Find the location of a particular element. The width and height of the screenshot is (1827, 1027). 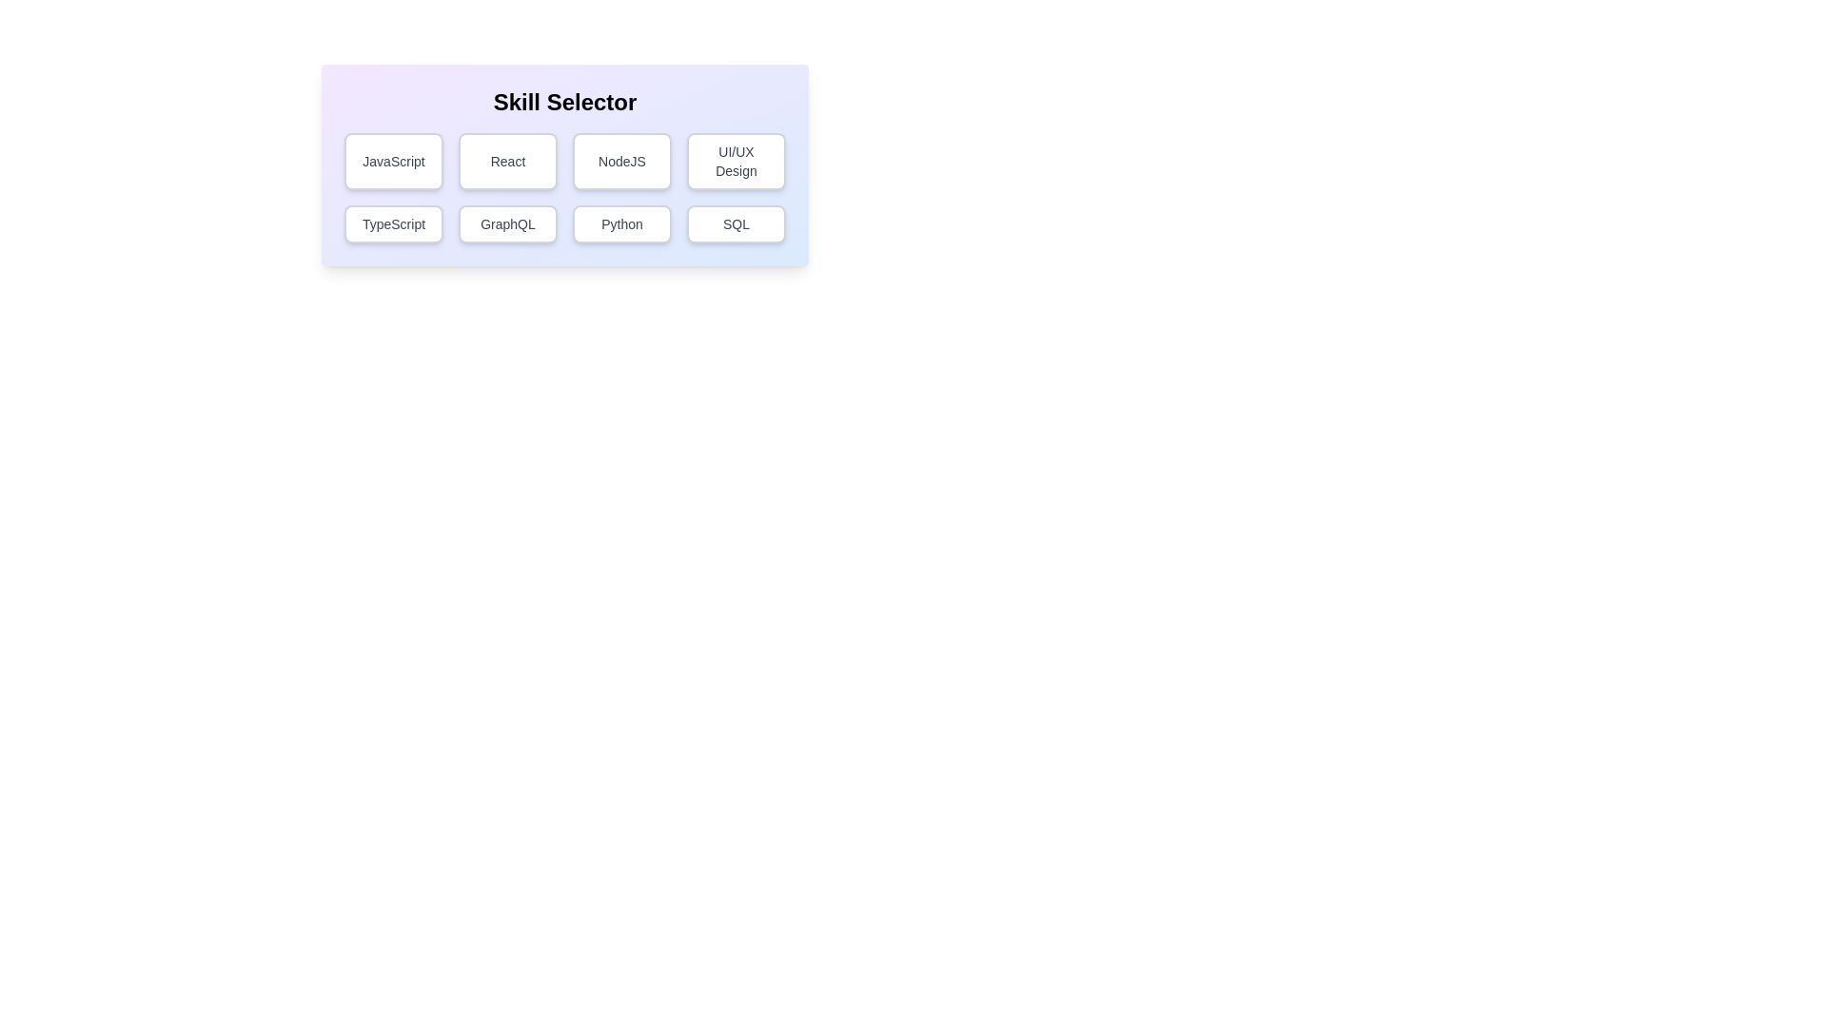

the skill button labeled GraphQL to observe hover effects is located at coordinates (507, 223).